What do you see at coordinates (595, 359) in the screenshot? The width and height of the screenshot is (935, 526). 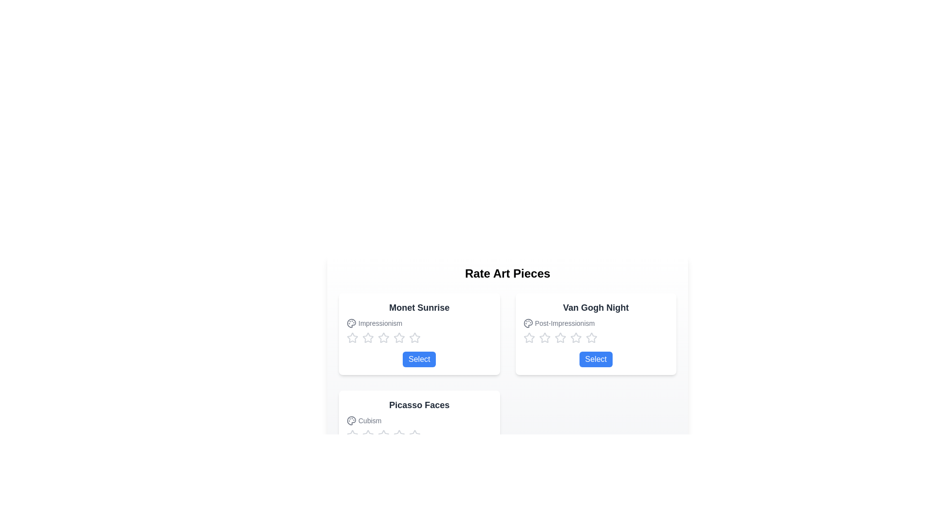 I see `the button located at the bottom of the 'Van Gogh Night' card` at bounding box center [595, 359].